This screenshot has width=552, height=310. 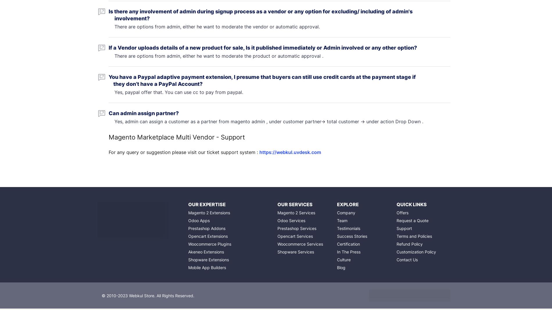 What do you see at coordinates (207, 236) in the screenshot?
I see `'Opencart Extensions'` at bounding box center [207, 236].